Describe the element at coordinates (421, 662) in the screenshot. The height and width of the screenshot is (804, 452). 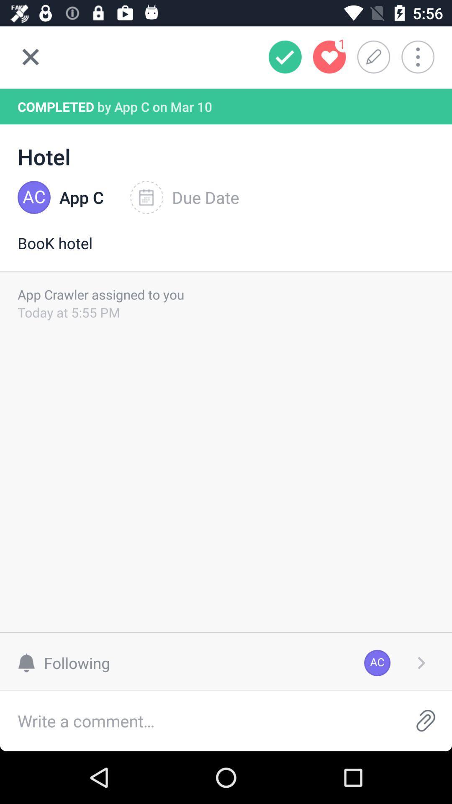
I see `the item next to the ac` at that location.